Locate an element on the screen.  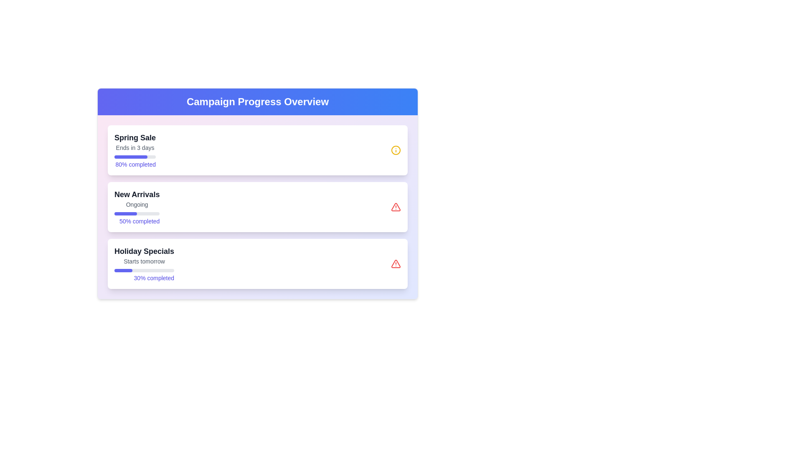
the progress visually by focusing on the progress bar segment that represents 50% completion of the 'New Arrivals' campaign, located in the second card of the campaign list is located at coordinates (125, 213).